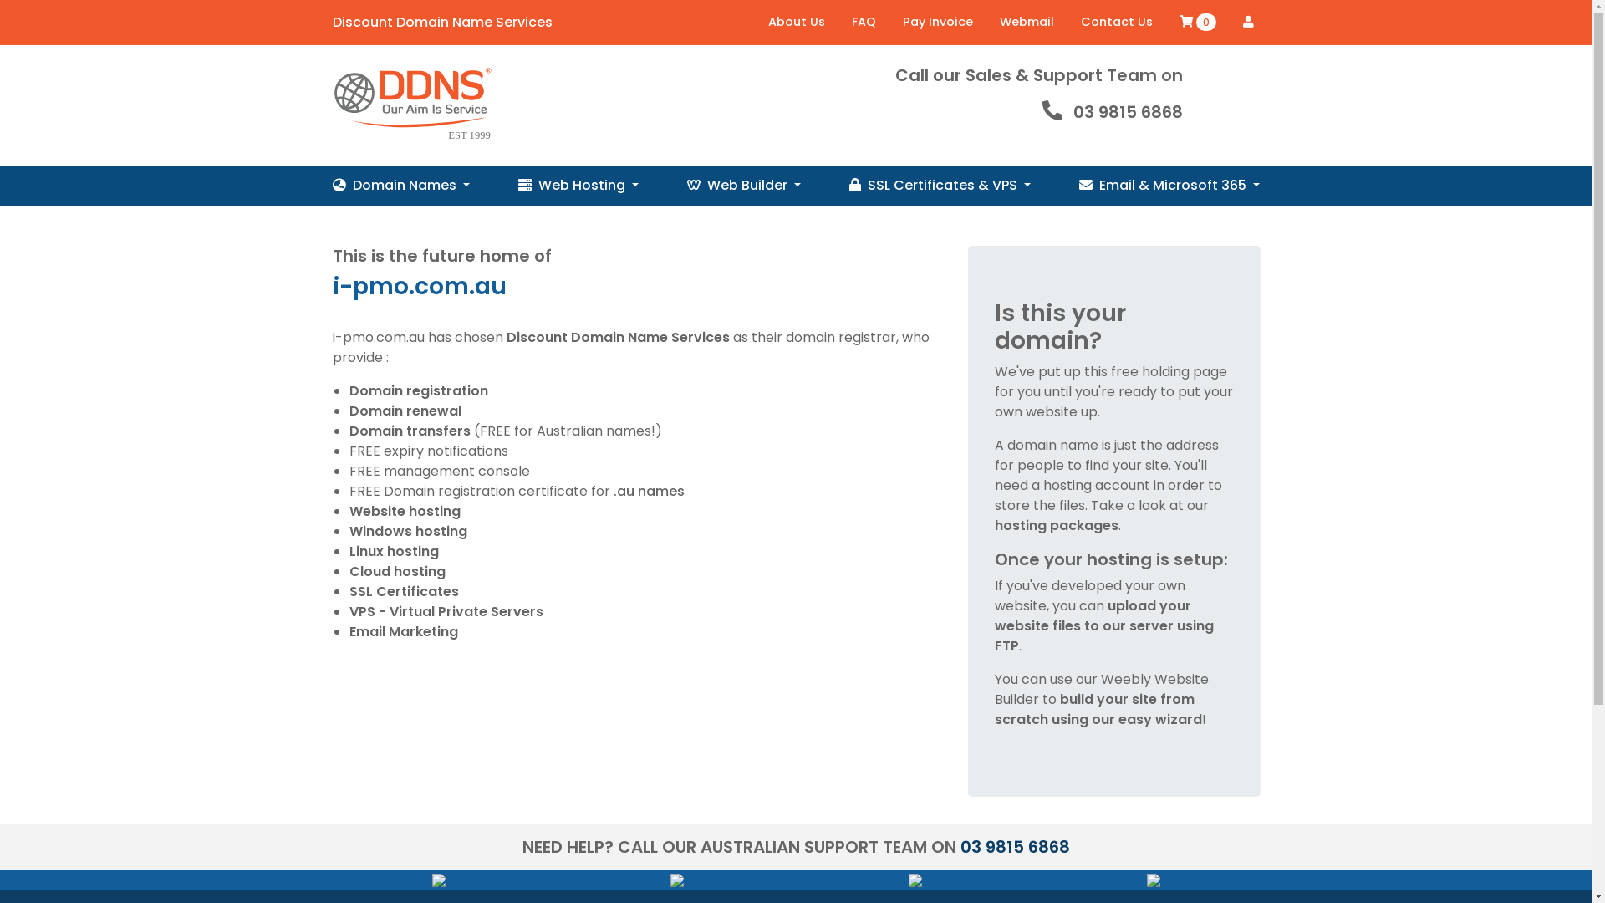 Image resolution: width=1605 pixels, height=903 pixels. What do you see at coordinates (1103, 625) in the screenshot?
I see `'upload your website files to our server using FTP'` at bounding box center [1103, 625].